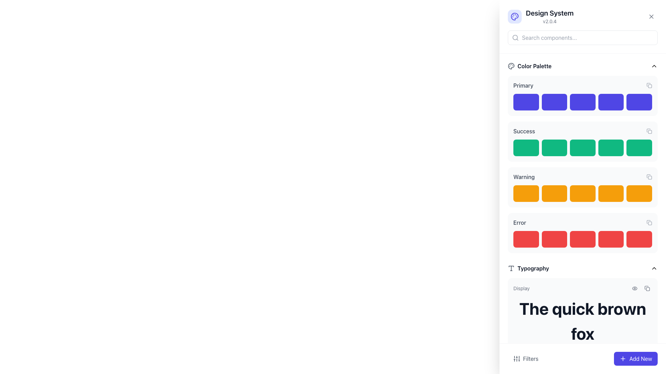 Image resolution: width=666 pixels, height=374 pixels. I want to click on the content associated with the Text Label located in the typography section, indicated by the typographic T icon, positioned in the lower part of the interface, so click(533, 268).